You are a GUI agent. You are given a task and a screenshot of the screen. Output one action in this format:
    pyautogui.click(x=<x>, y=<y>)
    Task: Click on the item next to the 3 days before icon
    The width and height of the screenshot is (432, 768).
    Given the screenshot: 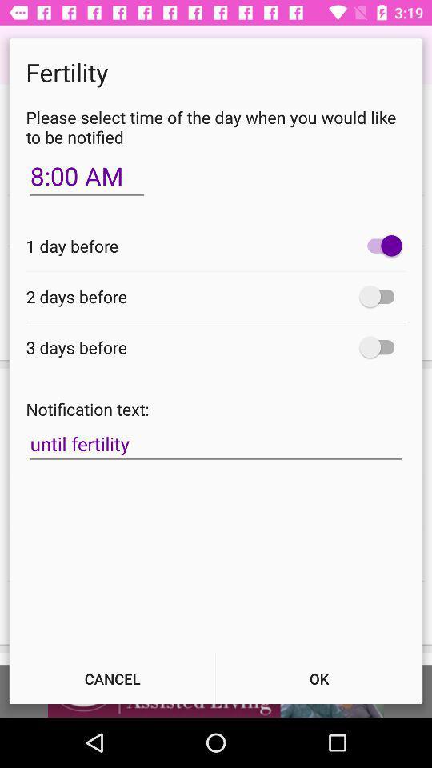 What is the action you would take?
    pyautogui.click(x=380, y=347)
    